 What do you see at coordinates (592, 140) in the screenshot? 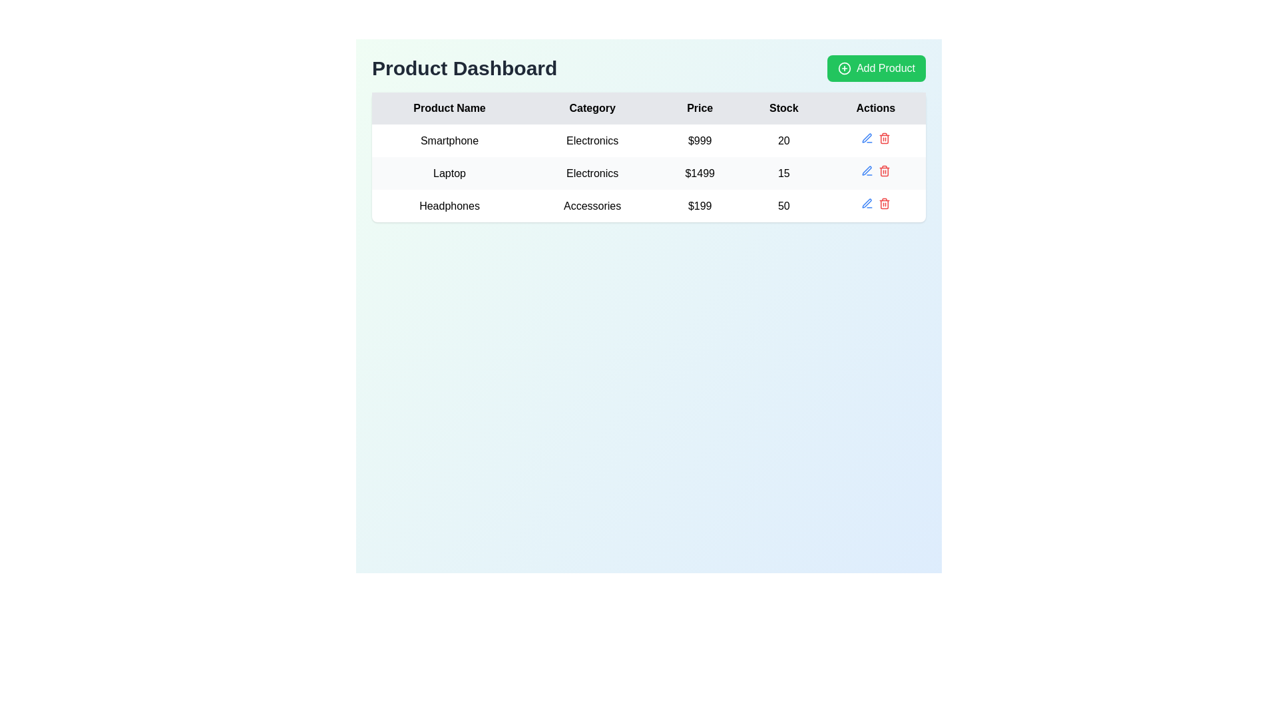
I see `text content of the 'Electronics' text block located under the 'Category' column in the first row of the table` at bounding box center [592, 140].